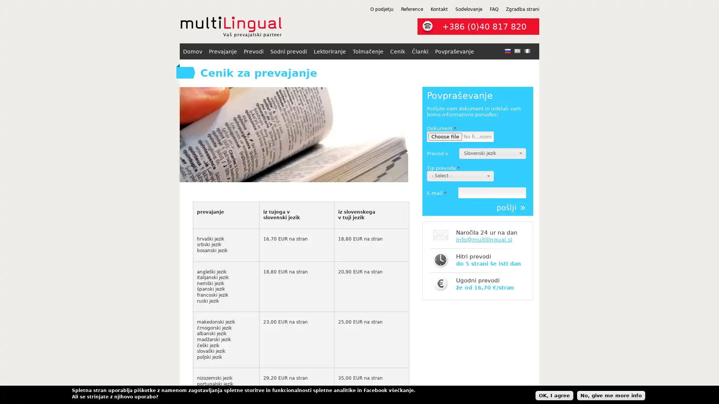  I want to click on poslji, so click(510, 208).